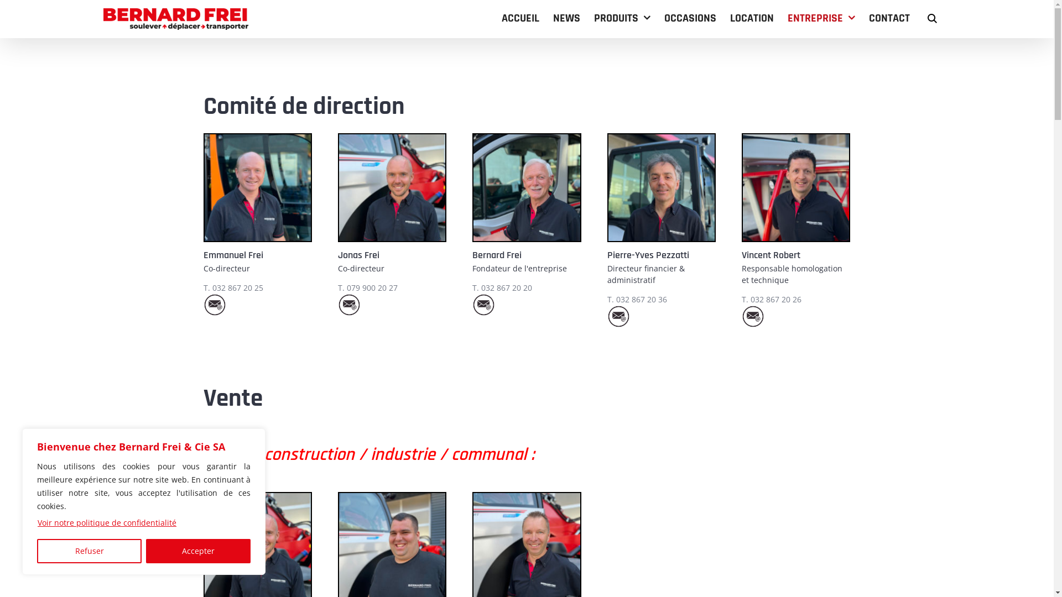 Image resolution: width=1062 pixels, height=597 pixels. I want to click on 'ENTREPRISE', so click(821, 18).